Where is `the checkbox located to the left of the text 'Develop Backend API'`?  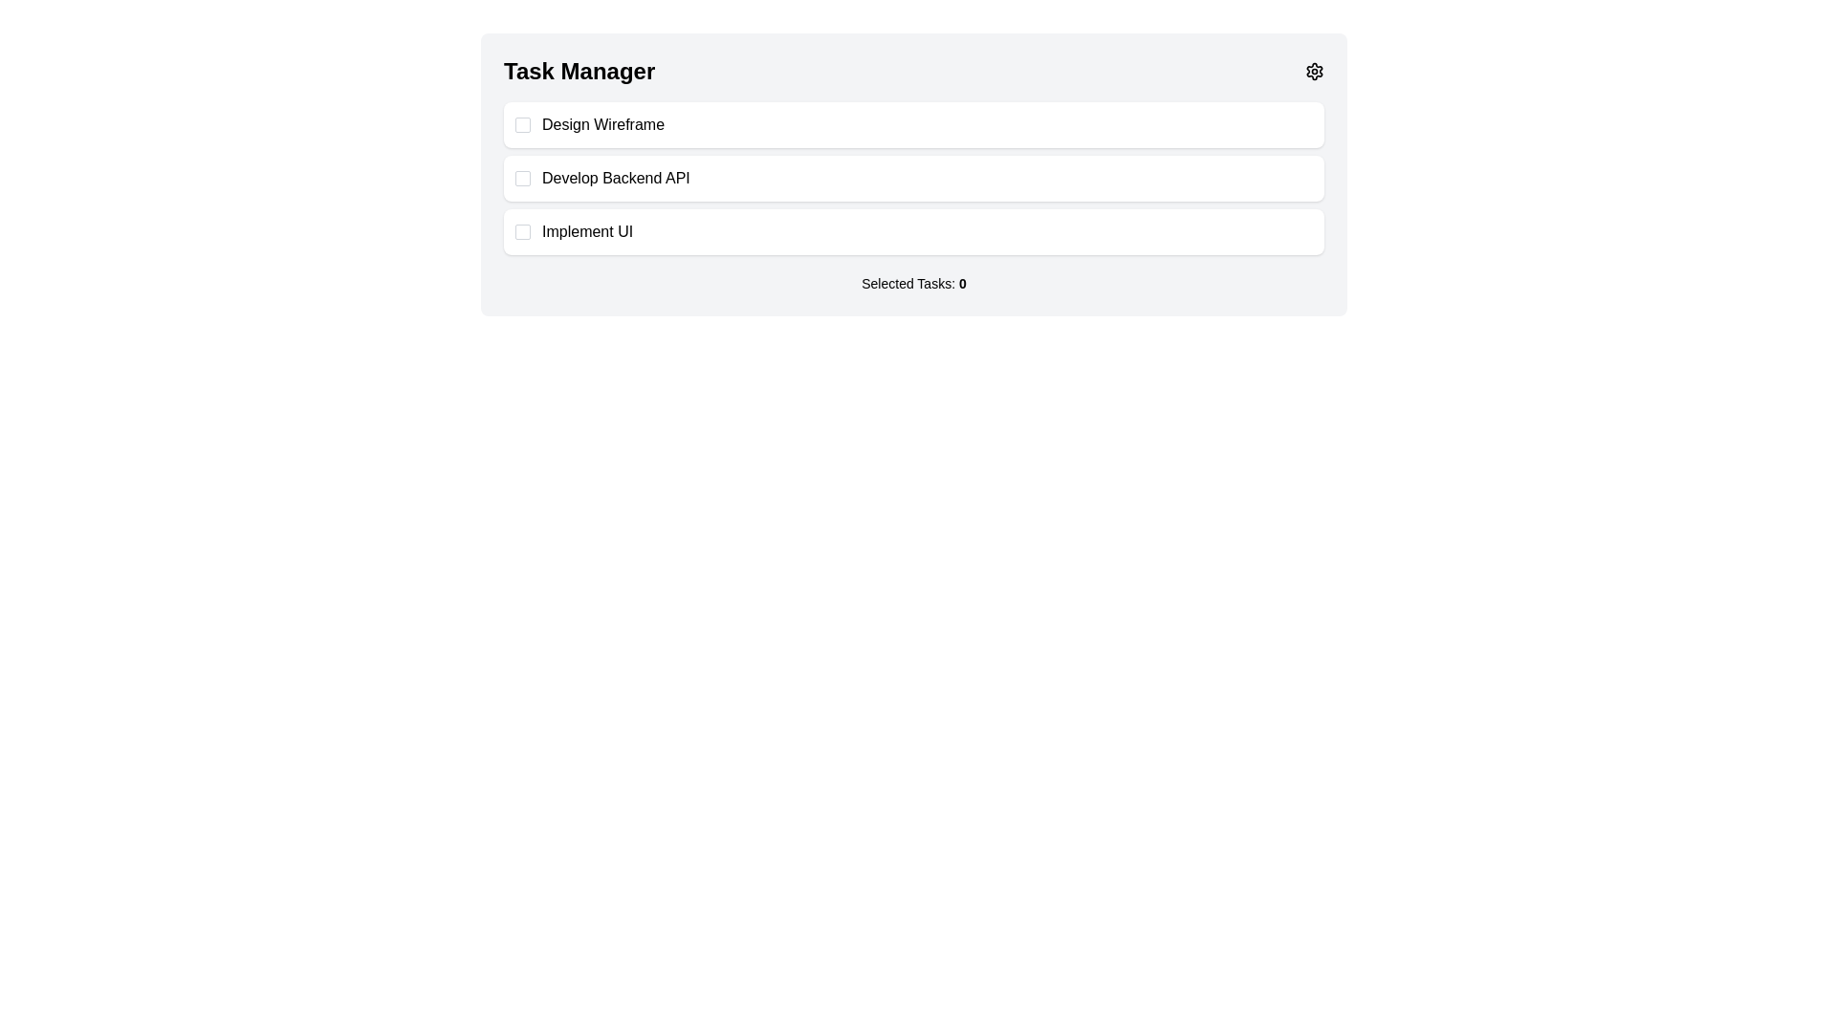
the checkbox located to the left of the text 'Develop Backend API' is located at coordinates (523, 178).